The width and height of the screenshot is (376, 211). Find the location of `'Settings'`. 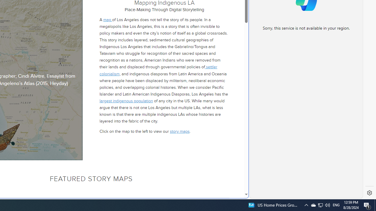

'Settings' is located at coordinates (369, 193).